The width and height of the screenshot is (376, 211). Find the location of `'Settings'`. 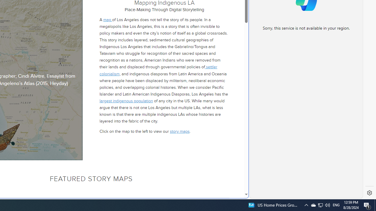

'Settings' is located at coordinates (369, 193).